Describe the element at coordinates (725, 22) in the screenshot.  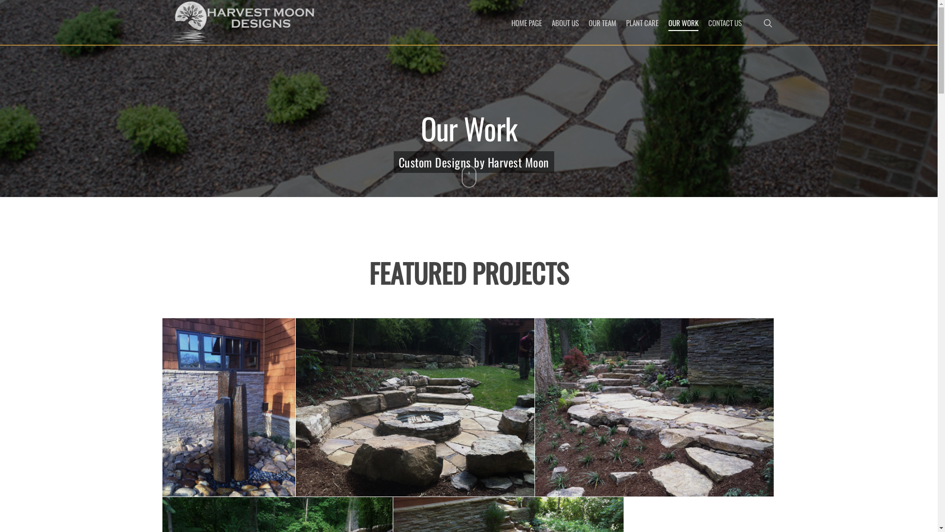
I see `'CONTACT US'` at that location.